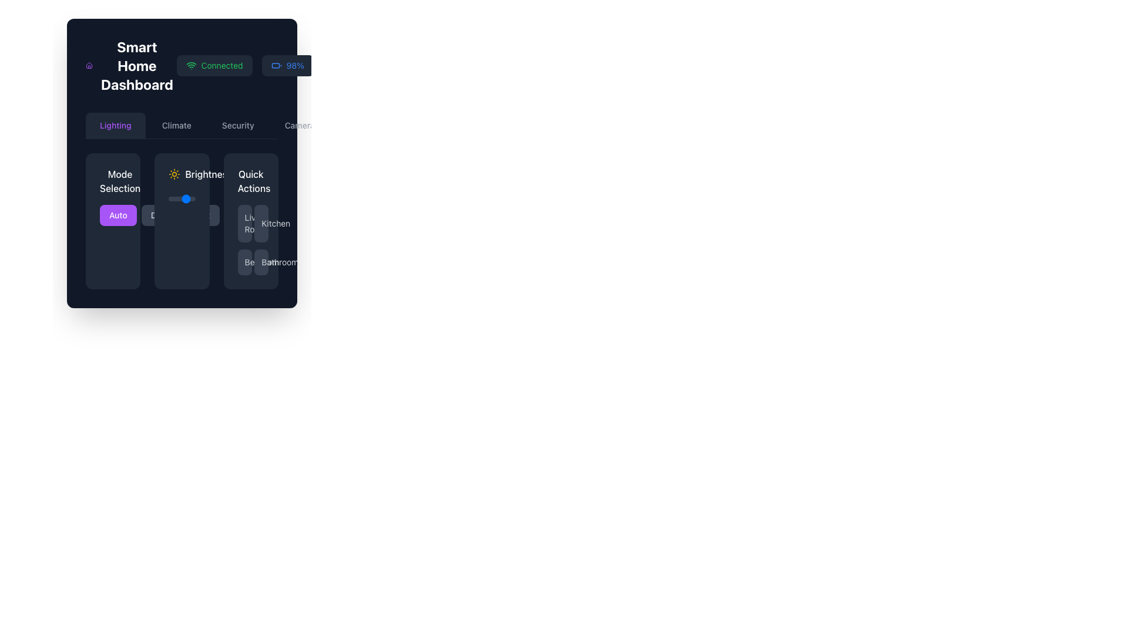 The image size is (1128, 634). Describe the element at coordinates (118, 215) in the screenshot. I see `on the 'Auto' button, which is the first button in a horizontal sequence of settings options with a purple background and white text` at that location.